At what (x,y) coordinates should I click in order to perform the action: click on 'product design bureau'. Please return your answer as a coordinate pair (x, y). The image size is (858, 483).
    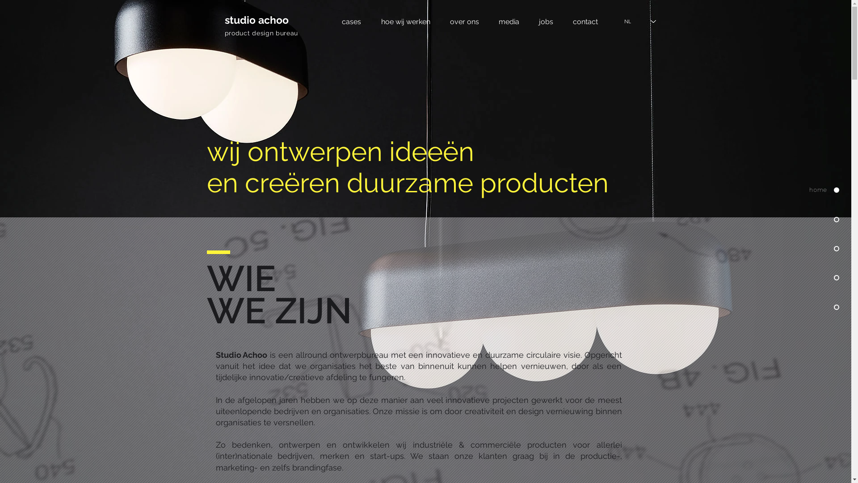
    Looking at the image, I should click on (261, 32).